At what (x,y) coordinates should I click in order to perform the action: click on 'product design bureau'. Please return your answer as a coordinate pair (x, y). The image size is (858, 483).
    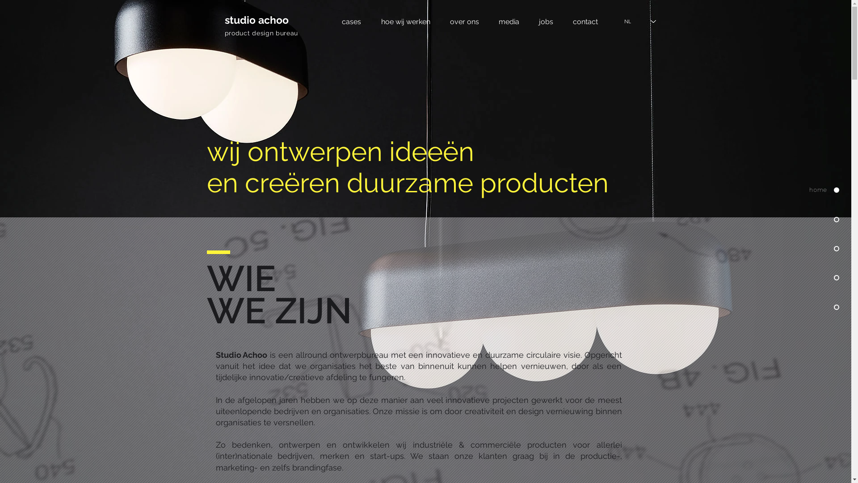
    Looking at the image, I should click on (261, 32).